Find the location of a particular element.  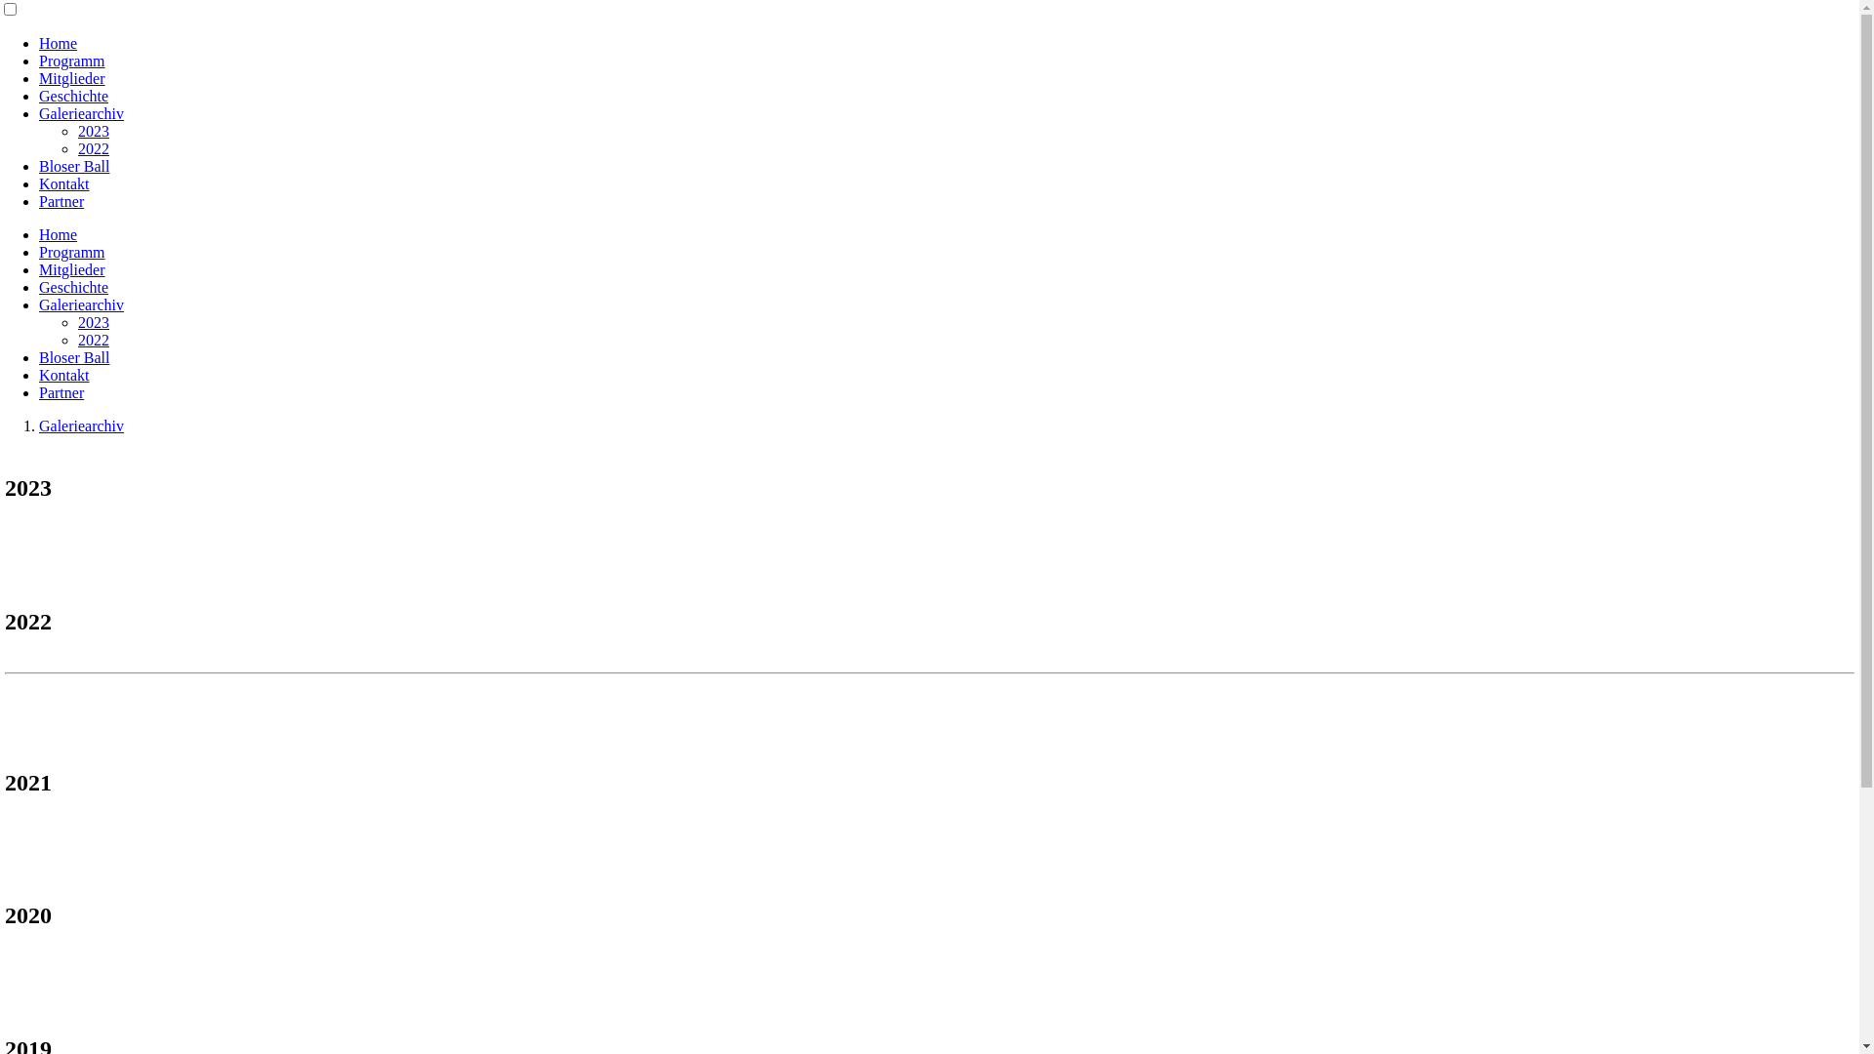

'2022' is located at coordinates (93, 339).